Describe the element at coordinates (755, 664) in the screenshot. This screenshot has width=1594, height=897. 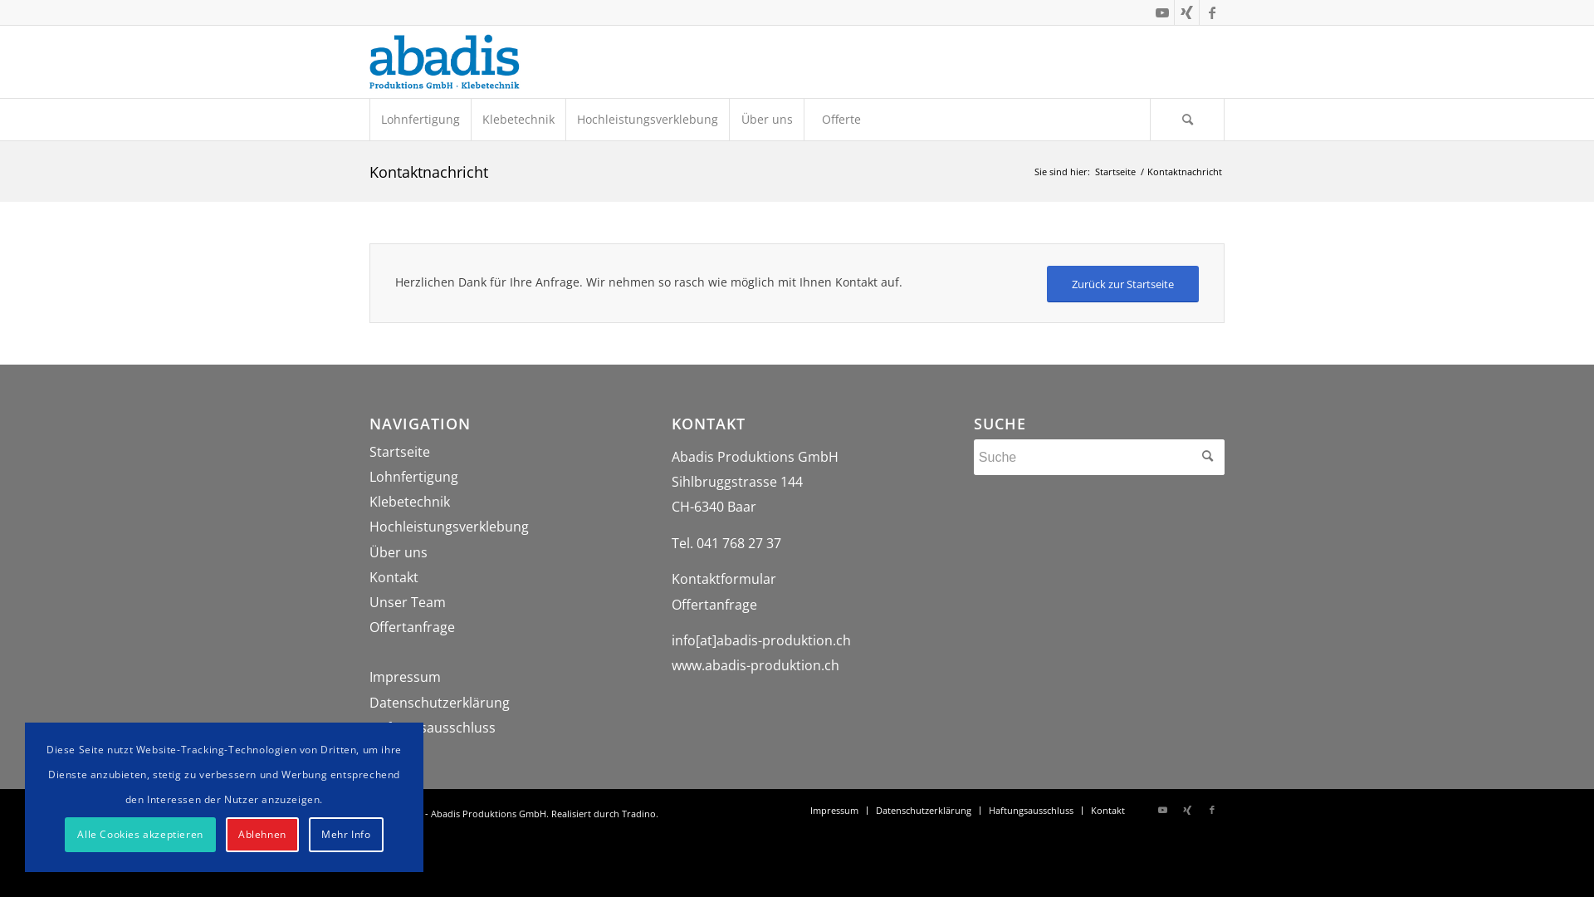
I see `'www.abadis-produktion.ch'` at that location.